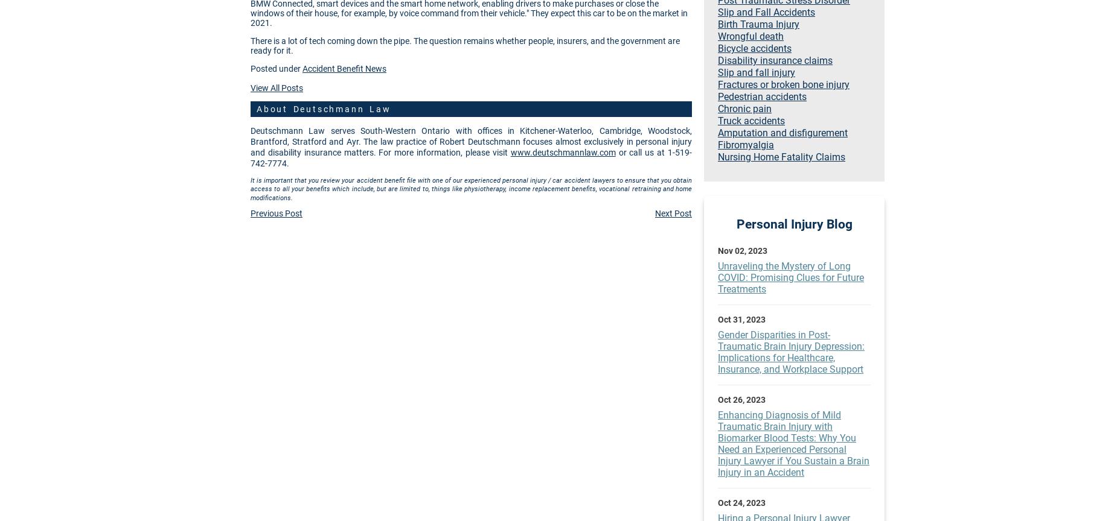 This screenshot has width=1117, height=521. Describe the element at coordinates (471, 141) in the screenshot. I see `'Deutschmann Law serves South-Western Ontario with offices in Kitchener-Waterloo, Cambridge, Woodstock, Brantford, Stratford and Ayr. The law practice of Robert Deutschmann focuses almost exclusively in personal injury and disability insurance matters. For more information, please visit'` at that location.